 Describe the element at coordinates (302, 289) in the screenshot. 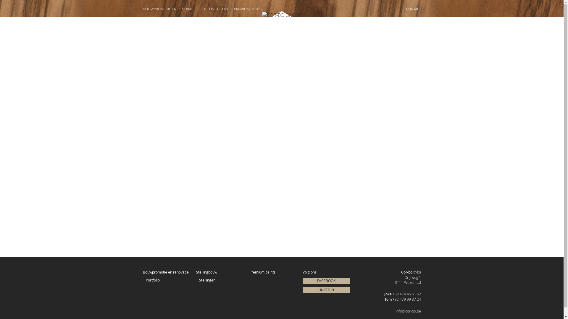

I see `'LINKEDIN'` at that location.